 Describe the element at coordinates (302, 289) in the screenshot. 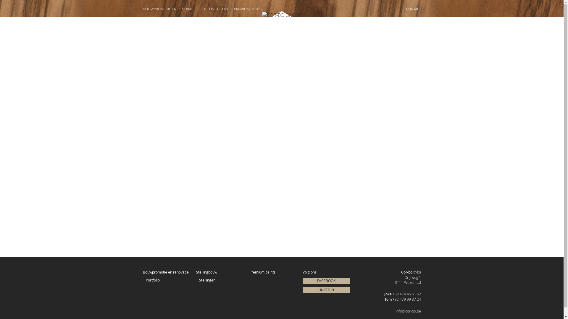

I see `'LINKEDIN'` at that location.